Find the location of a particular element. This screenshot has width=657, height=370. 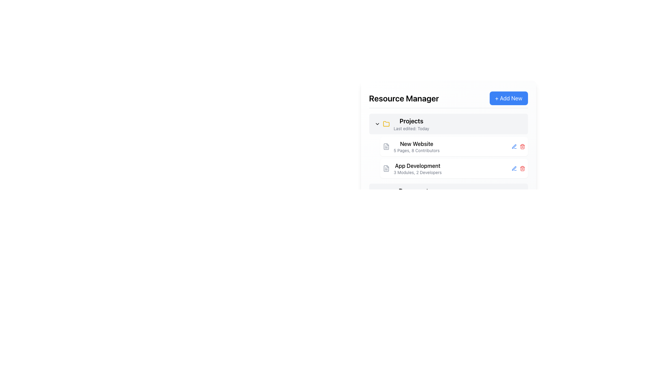

the second Text Block with Icon in the 'Resource Manager' section is located at coordinates (412, 169).